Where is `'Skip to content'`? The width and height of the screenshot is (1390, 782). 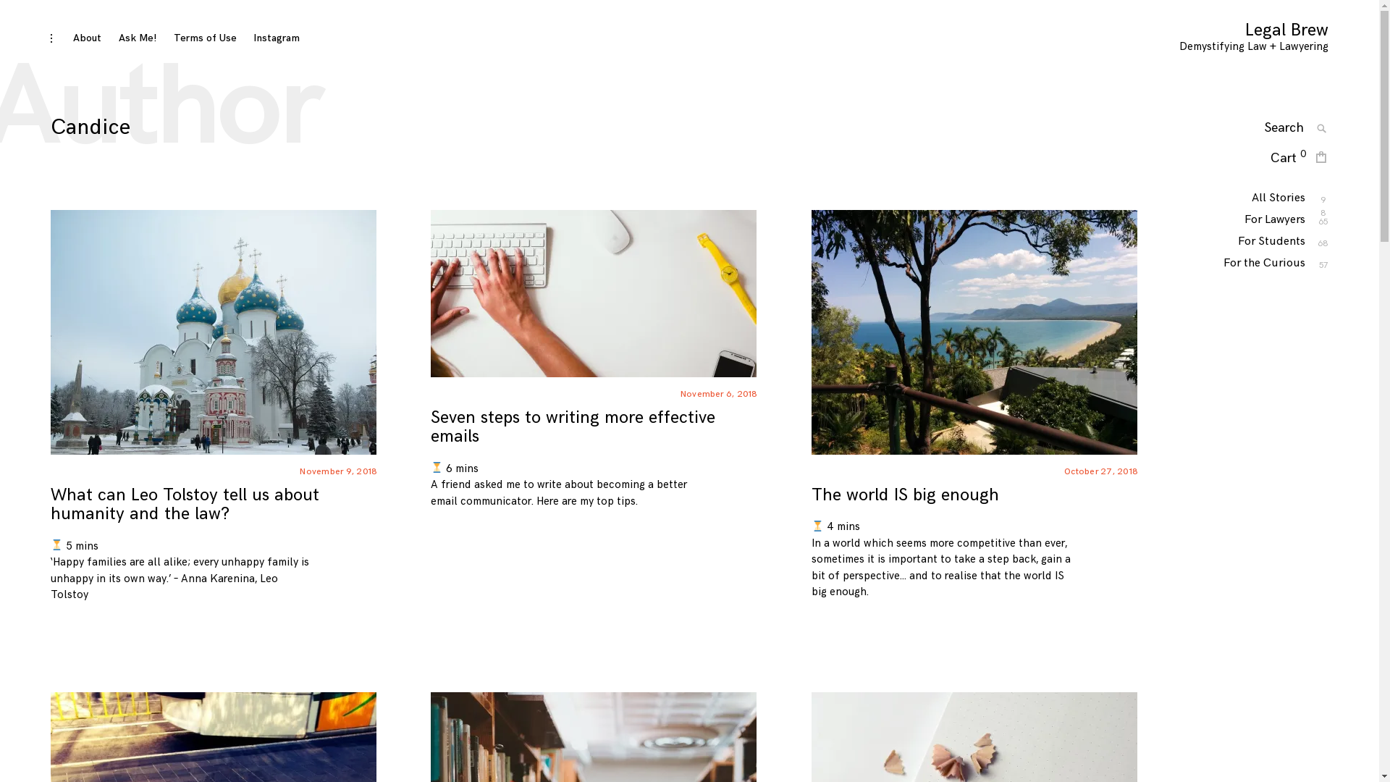
'Skip to content' is located at coordinates (50, 28).